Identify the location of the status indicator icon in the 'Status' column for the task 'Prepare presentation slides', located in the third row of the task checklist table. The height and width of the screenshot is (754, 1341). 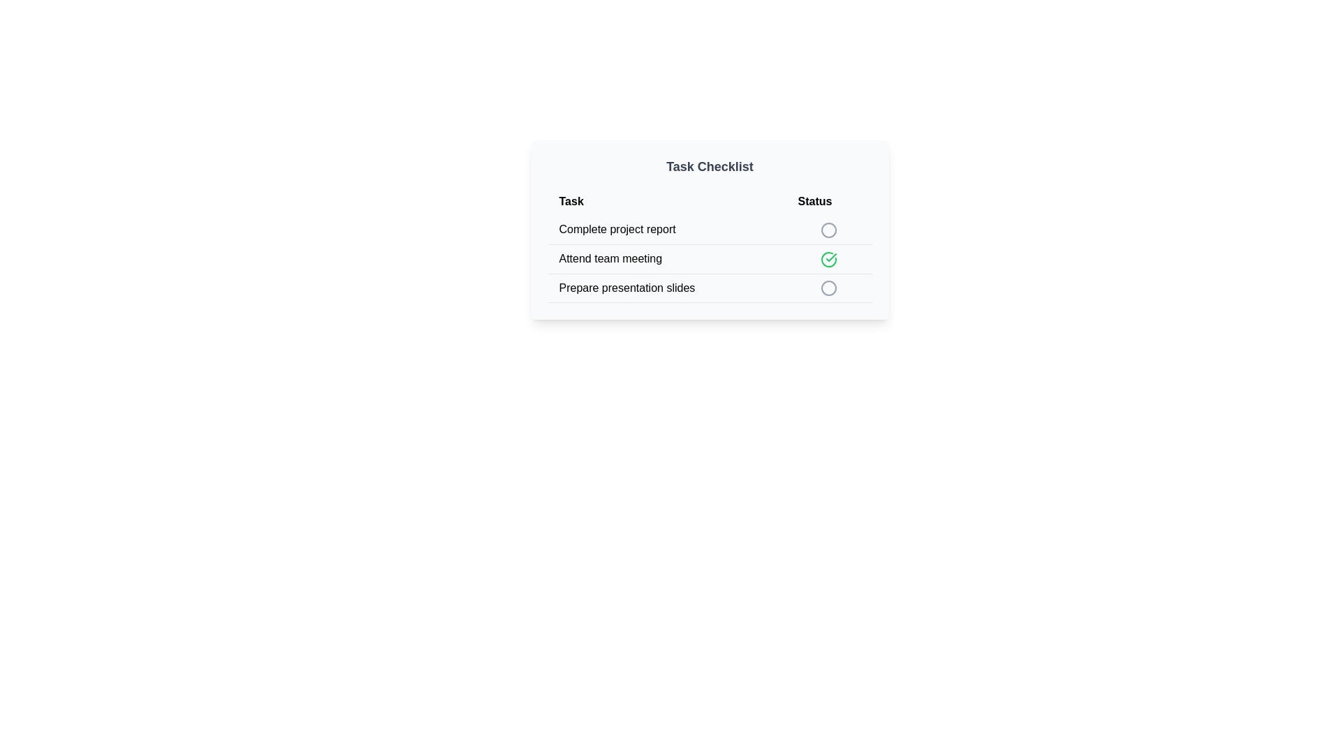
(829, 288).